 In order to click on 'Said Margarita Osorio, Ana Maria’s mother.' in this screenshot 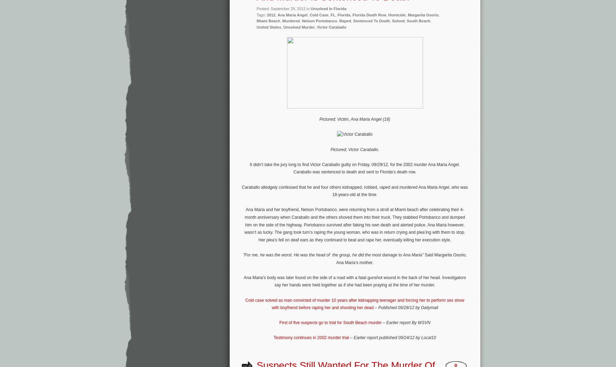, I will do `click(401, 259)`.